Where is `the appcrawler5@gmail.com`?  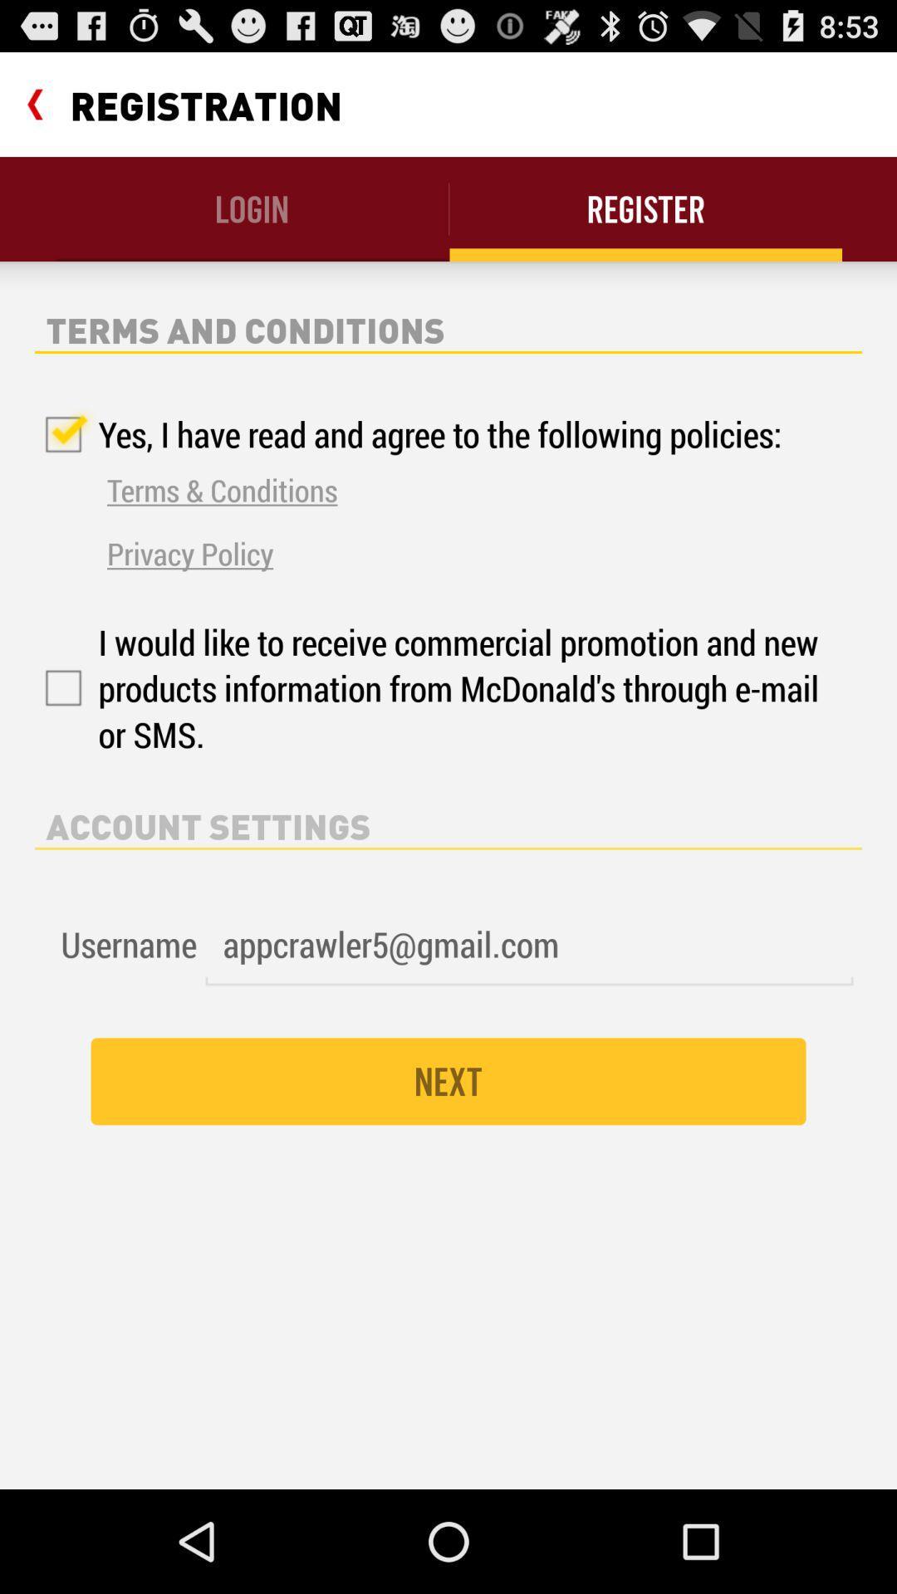 the appcrawler5@gmail.com is located at coordinates (529, 945).